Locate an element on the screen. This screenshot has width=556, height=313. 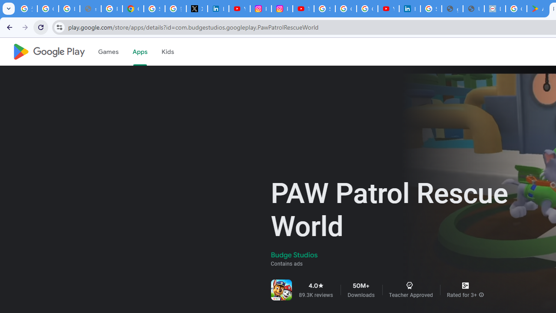
'Google Play logo' is located at coordinates (48, 52).